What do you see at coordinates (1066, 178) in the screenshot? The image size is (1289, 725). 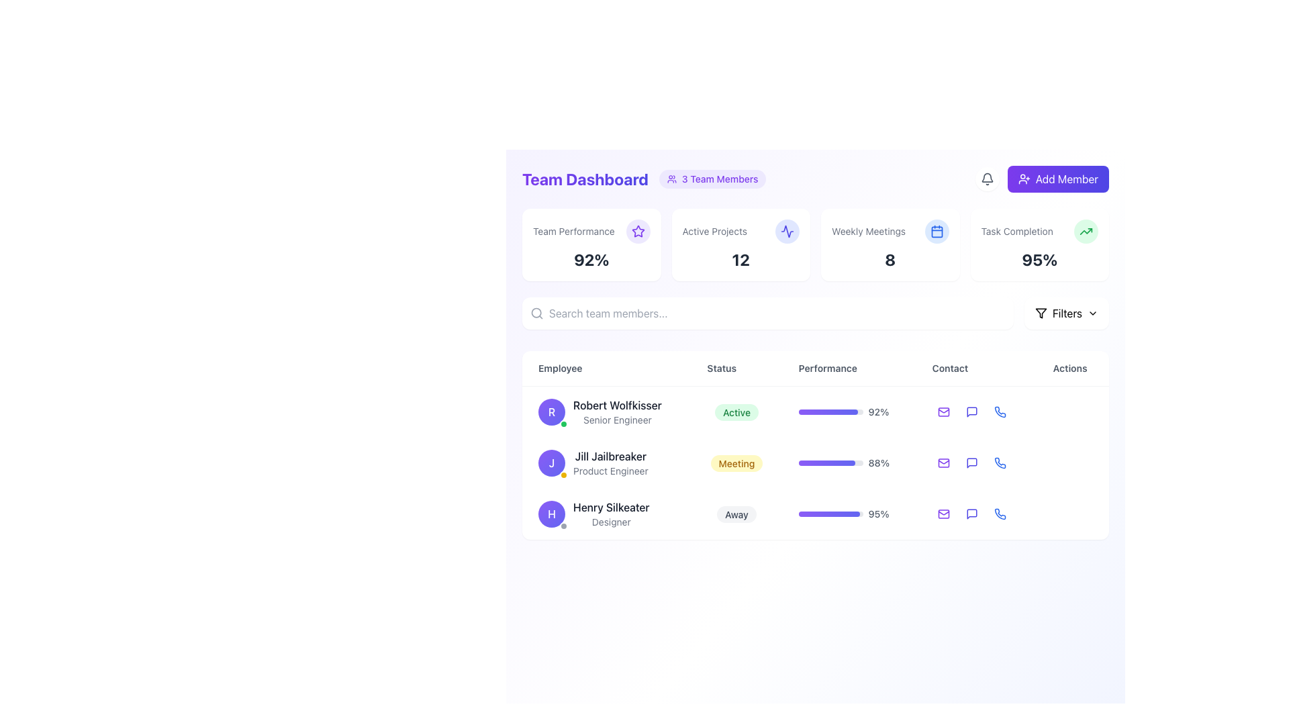 I see `keyboard navigation` at bounding box center [1066, 178].